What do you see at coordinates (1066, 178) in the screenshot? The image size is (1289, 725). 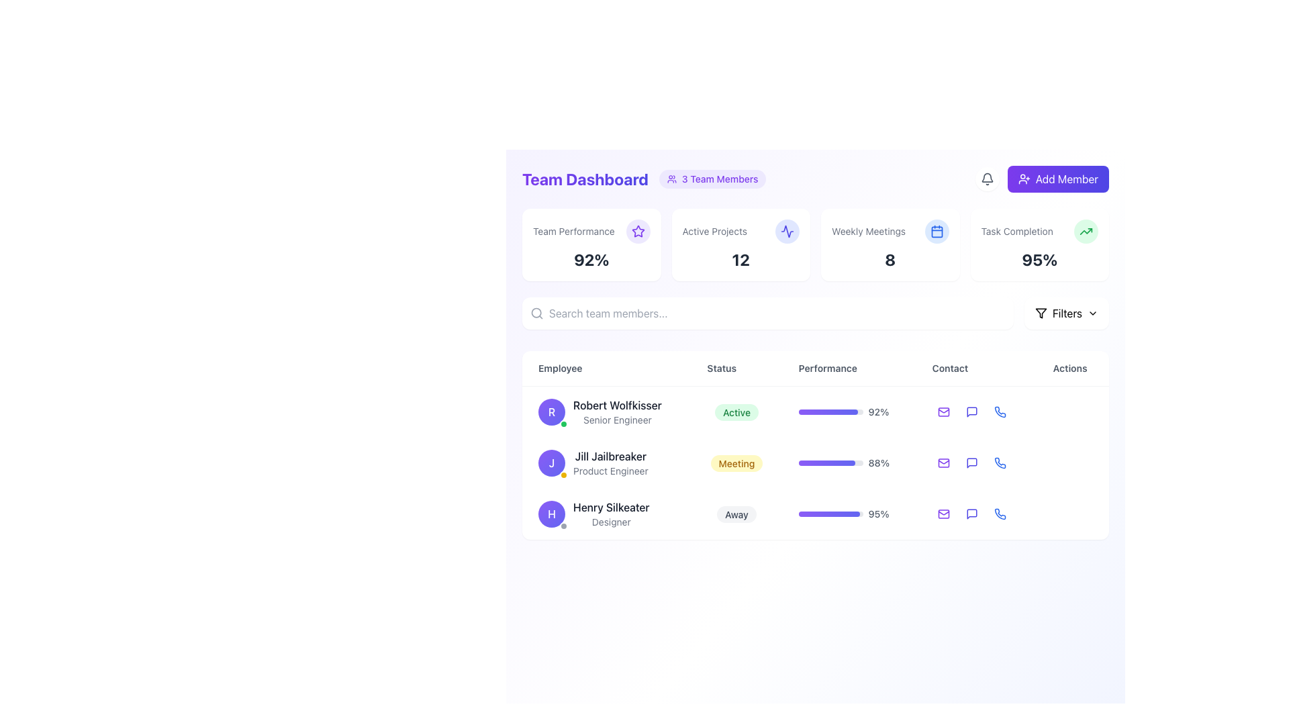 I see `keyboard navigation` at bounding box center [1066, 178].